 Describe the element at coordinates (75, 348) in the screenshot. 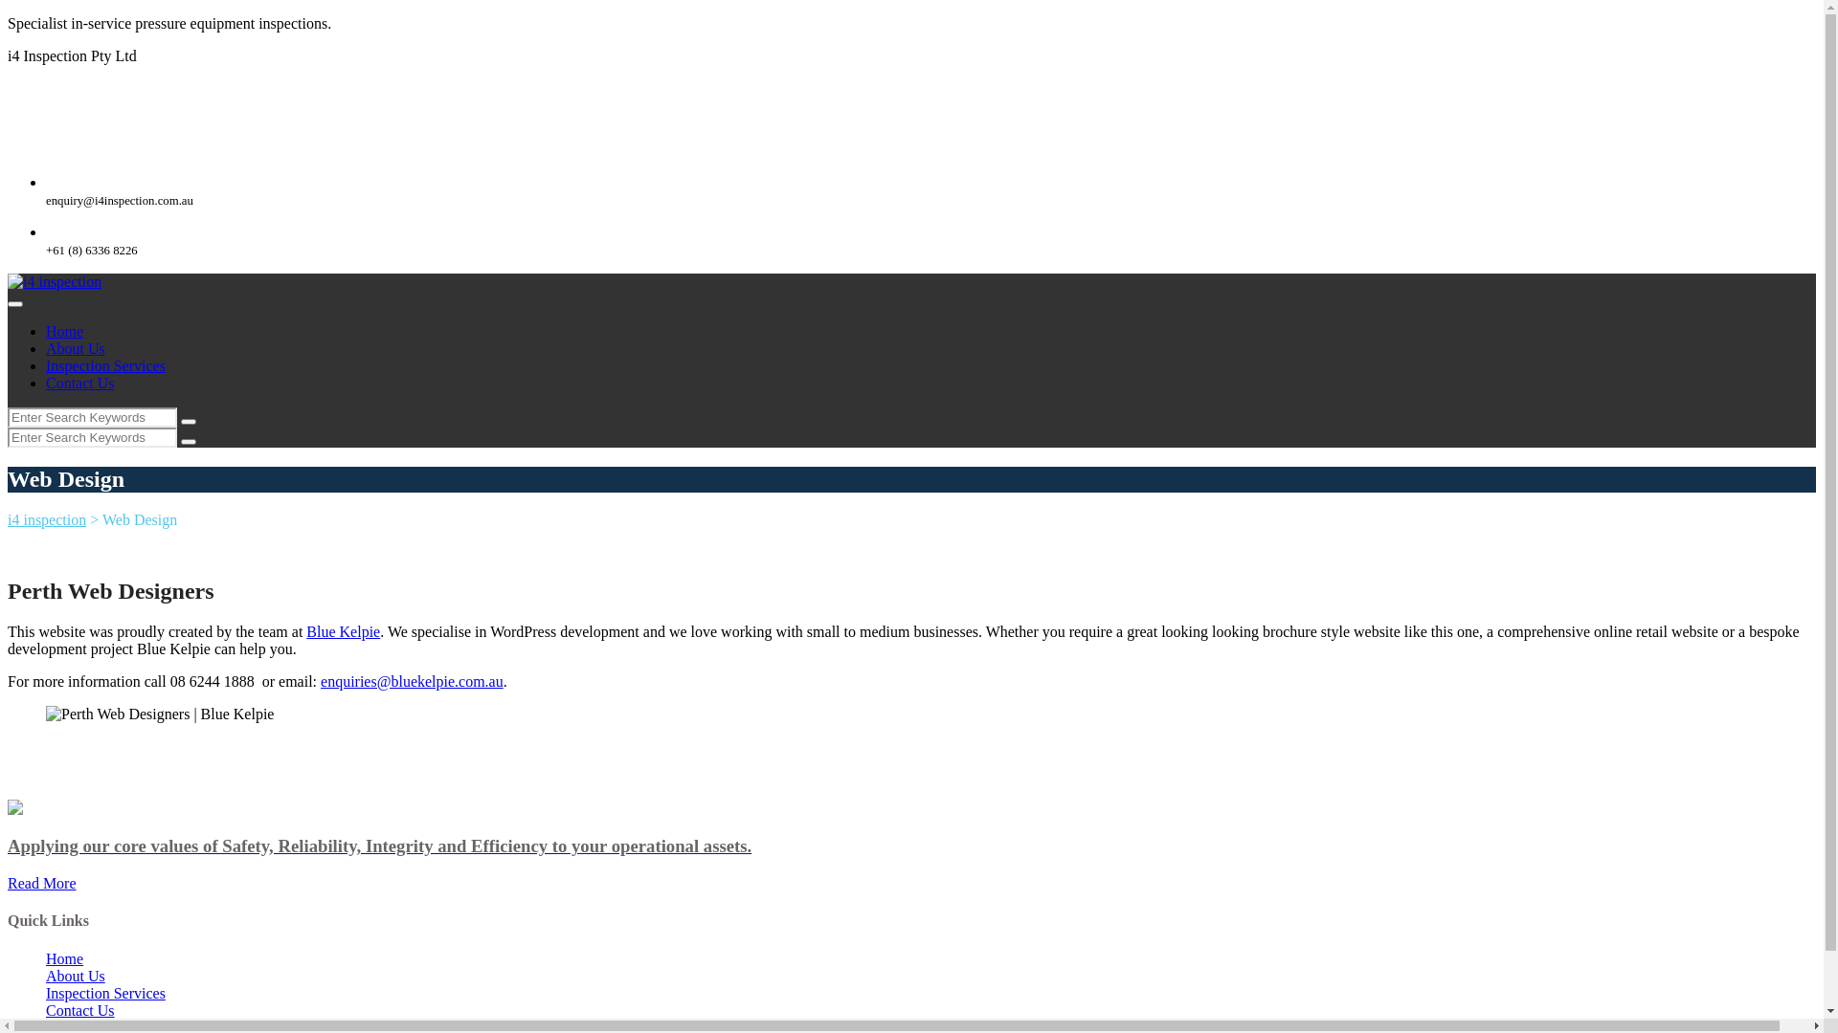

I see `'About Us'` at that location.